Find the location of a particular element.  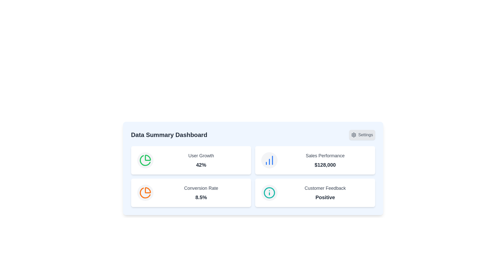

the lower-right section of the pie chart element representing 'User Growth' in the upper left corner of the card is located at coordinates (145, 160).